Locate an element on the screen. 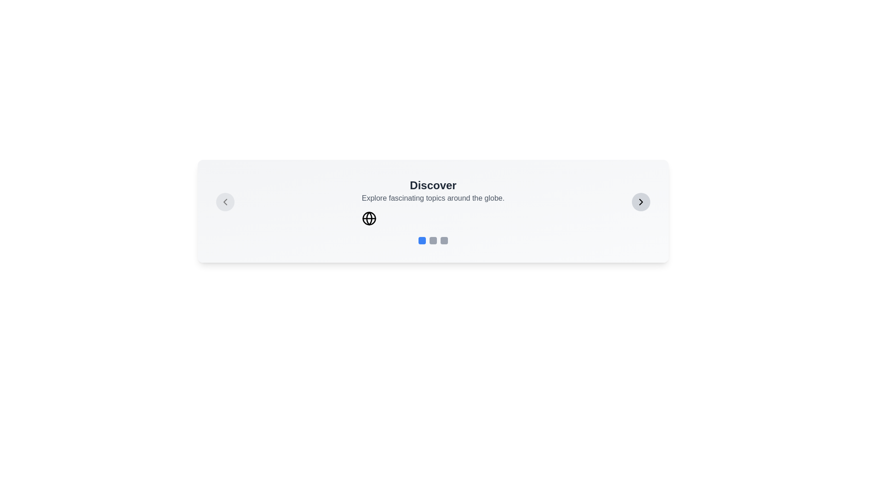  the leftward-pointing chevron icon located within the circular button on the left side of the horizontal bar is located at coordinates (225, 201).